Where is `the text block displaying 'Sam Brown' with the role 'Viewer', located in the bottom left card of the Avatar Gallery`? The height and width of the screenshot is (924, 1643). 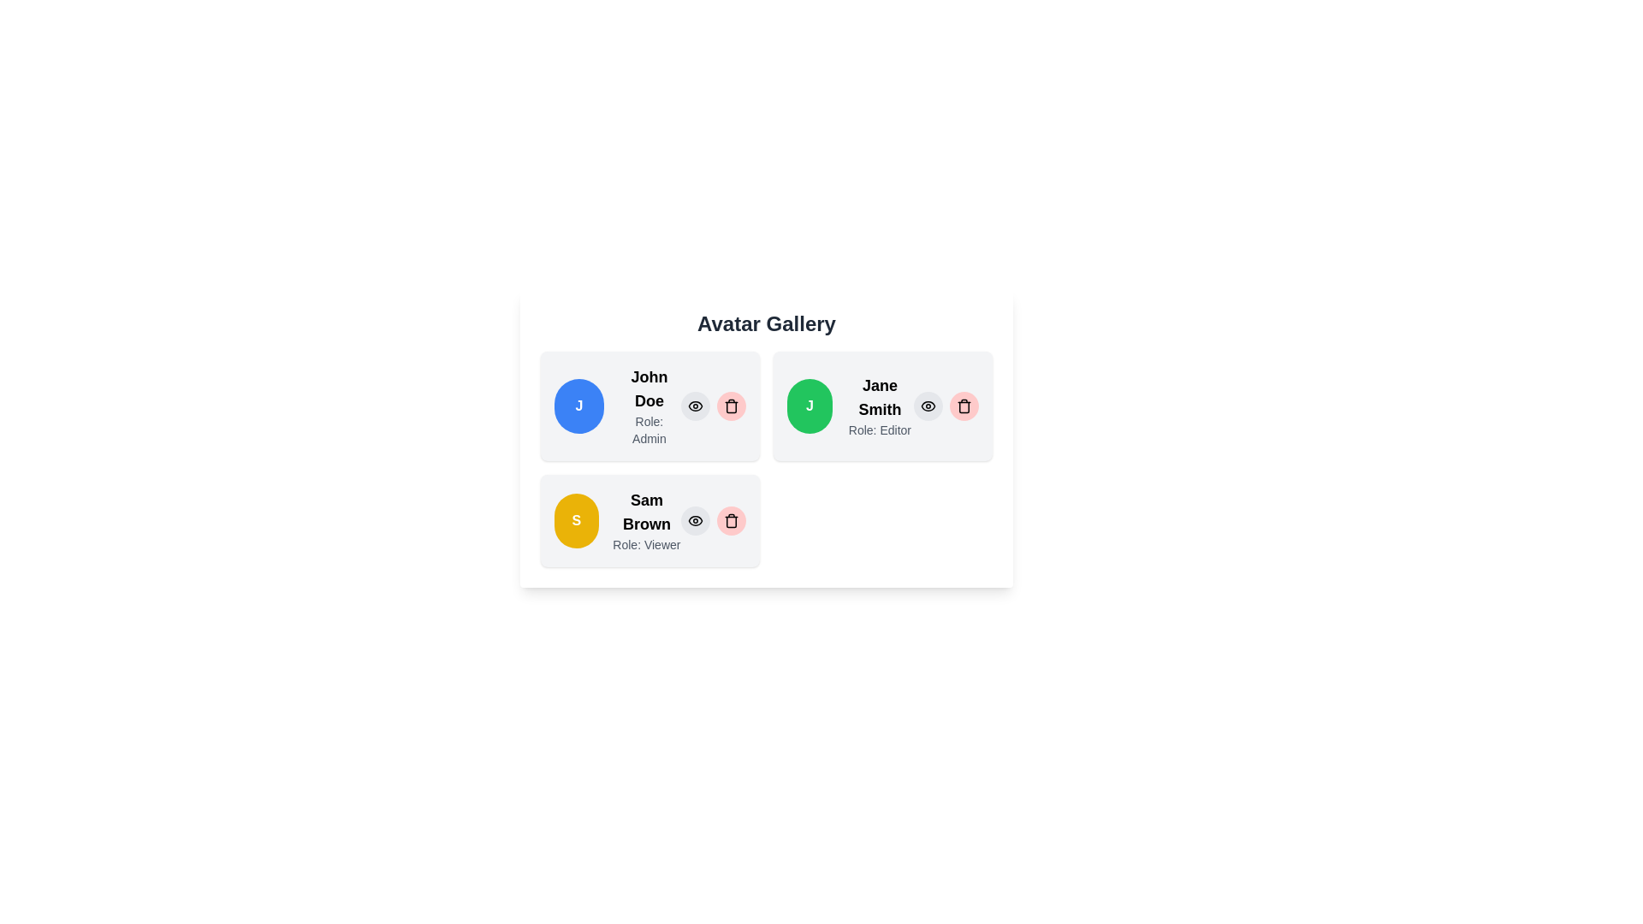 the text block displaying 'Sam Brown' with the role 'Viewer', located in the bottom left card of the Avatar Gallery is located at coordinates (645, 520).